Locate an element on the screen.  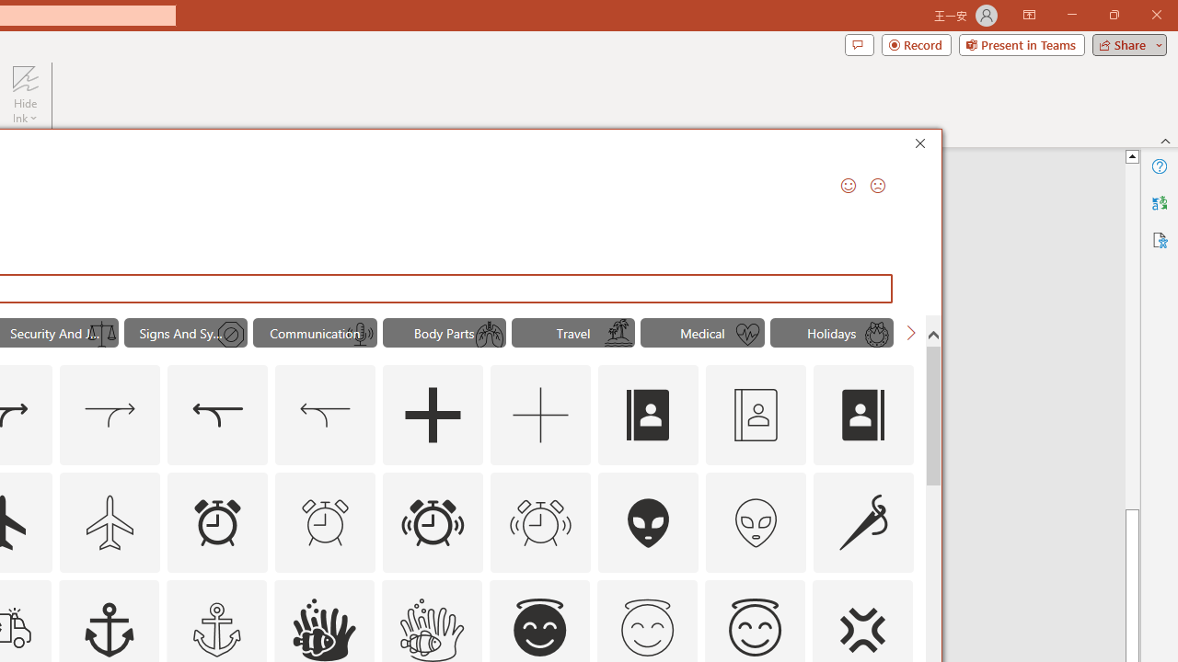
'AutomationID: Icons_Acquisition_LTR_M' is located at coordinates (110, 416).